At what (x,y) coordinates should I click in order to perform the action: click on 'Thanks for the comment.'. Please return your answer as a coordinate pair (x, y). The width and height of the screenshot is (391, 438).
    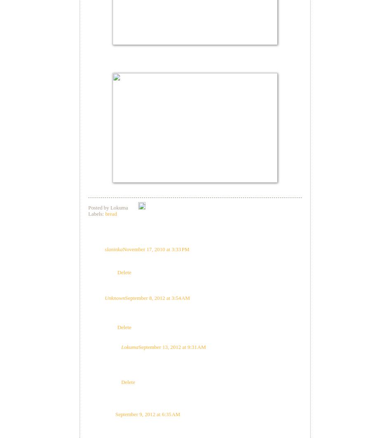
    Looking at the image, I should click on (147, 370).